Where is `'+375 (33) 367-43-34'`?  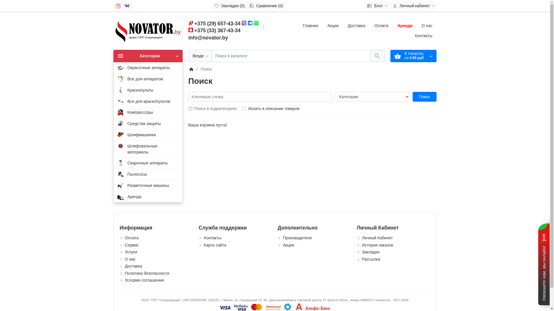
'+375 (33) 367-43-34' is located at coordinates (217, 30).